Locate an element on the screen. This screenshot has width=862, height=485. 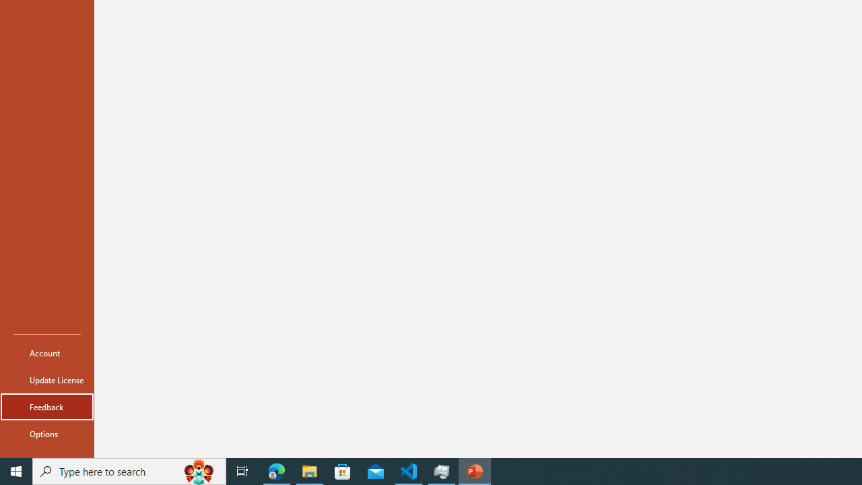
'Feedback' is located at coordinates (46, 406).